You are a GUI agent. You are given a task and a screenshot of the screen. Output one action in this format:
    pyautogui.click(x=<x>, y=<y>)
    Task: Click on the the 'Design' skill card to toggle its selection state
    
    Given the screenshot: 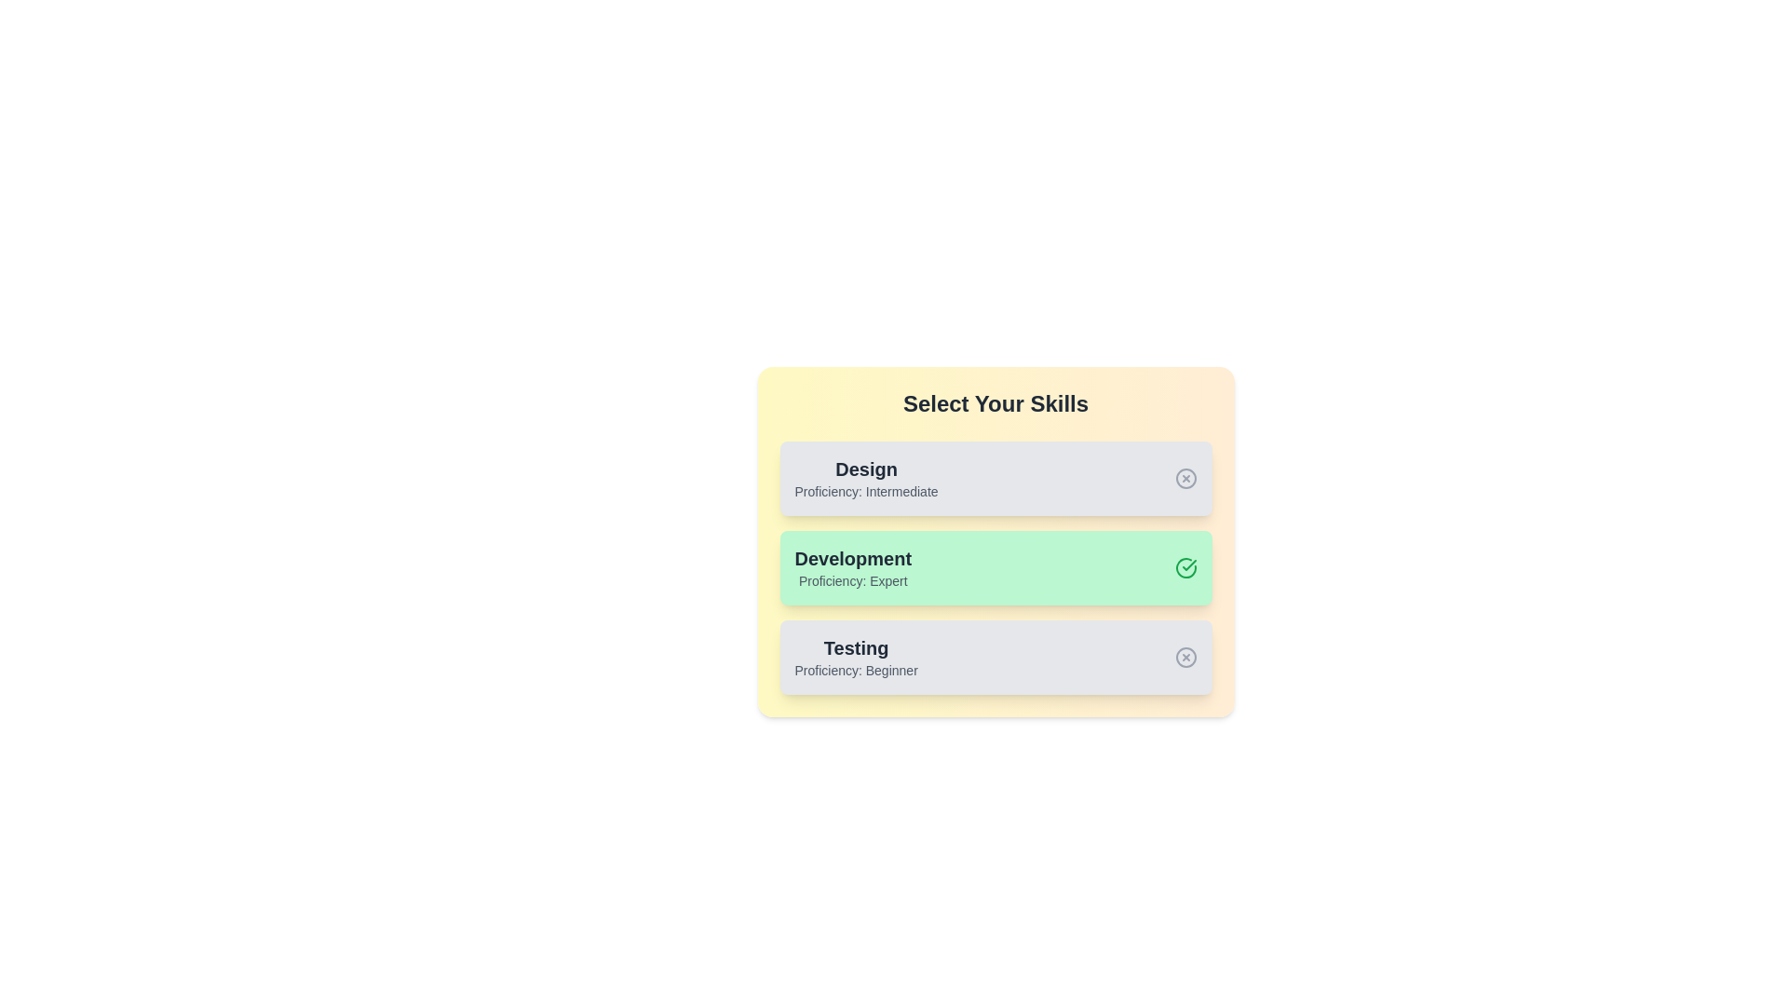 What is the action you would take?
    pyautogui.click(x=995, y=477)
    